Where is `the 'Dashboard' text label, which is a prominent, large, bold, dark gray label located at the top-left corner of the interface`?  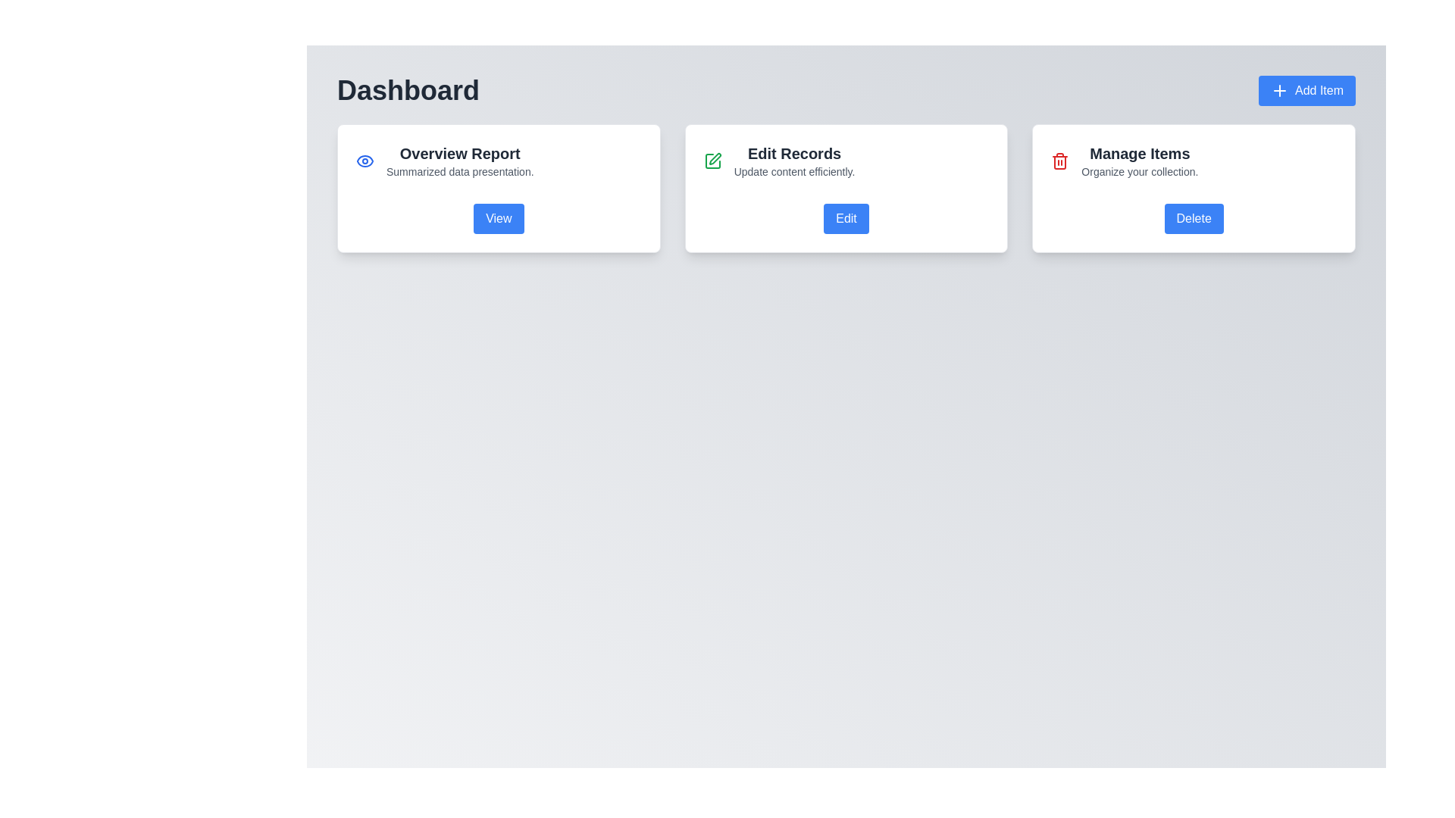 the 'Dashboard' text label, which is a prominent, large, bold, dark gray label located at the top-left corner of the interface is located at coordinates (408, 90).